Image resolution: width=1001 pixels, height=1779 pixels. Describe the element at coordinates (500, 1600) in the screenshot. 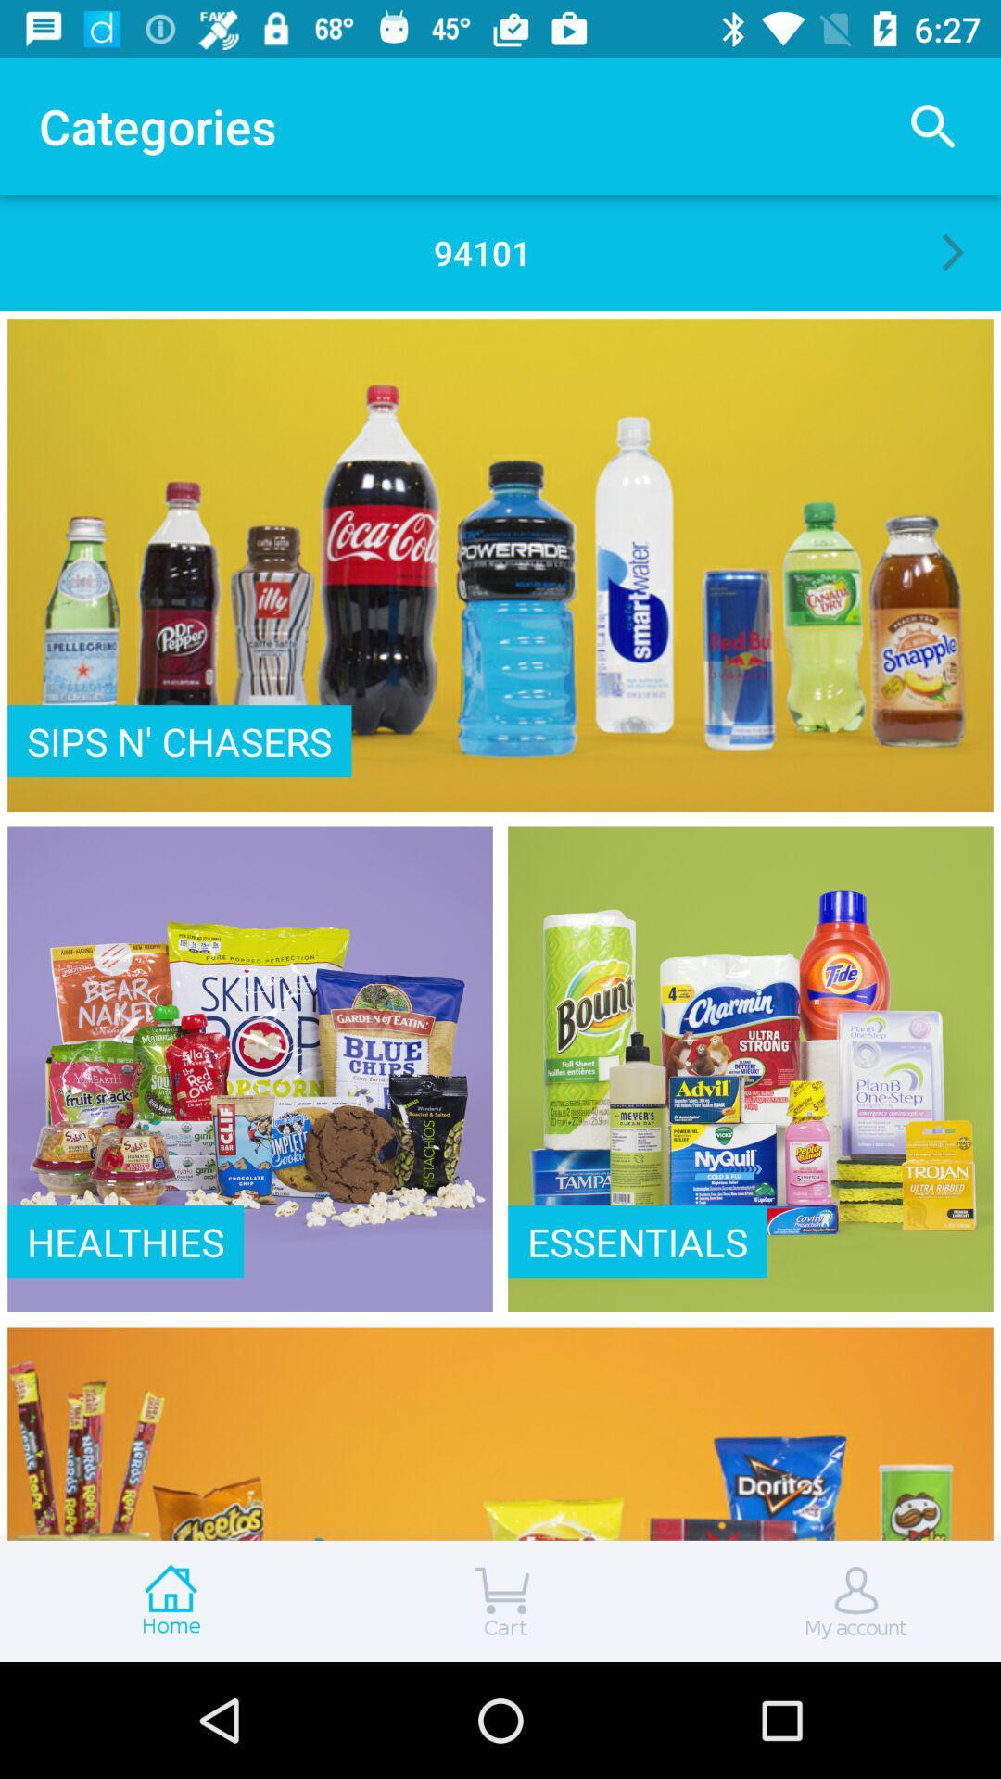

I see `the more icon` at that location.